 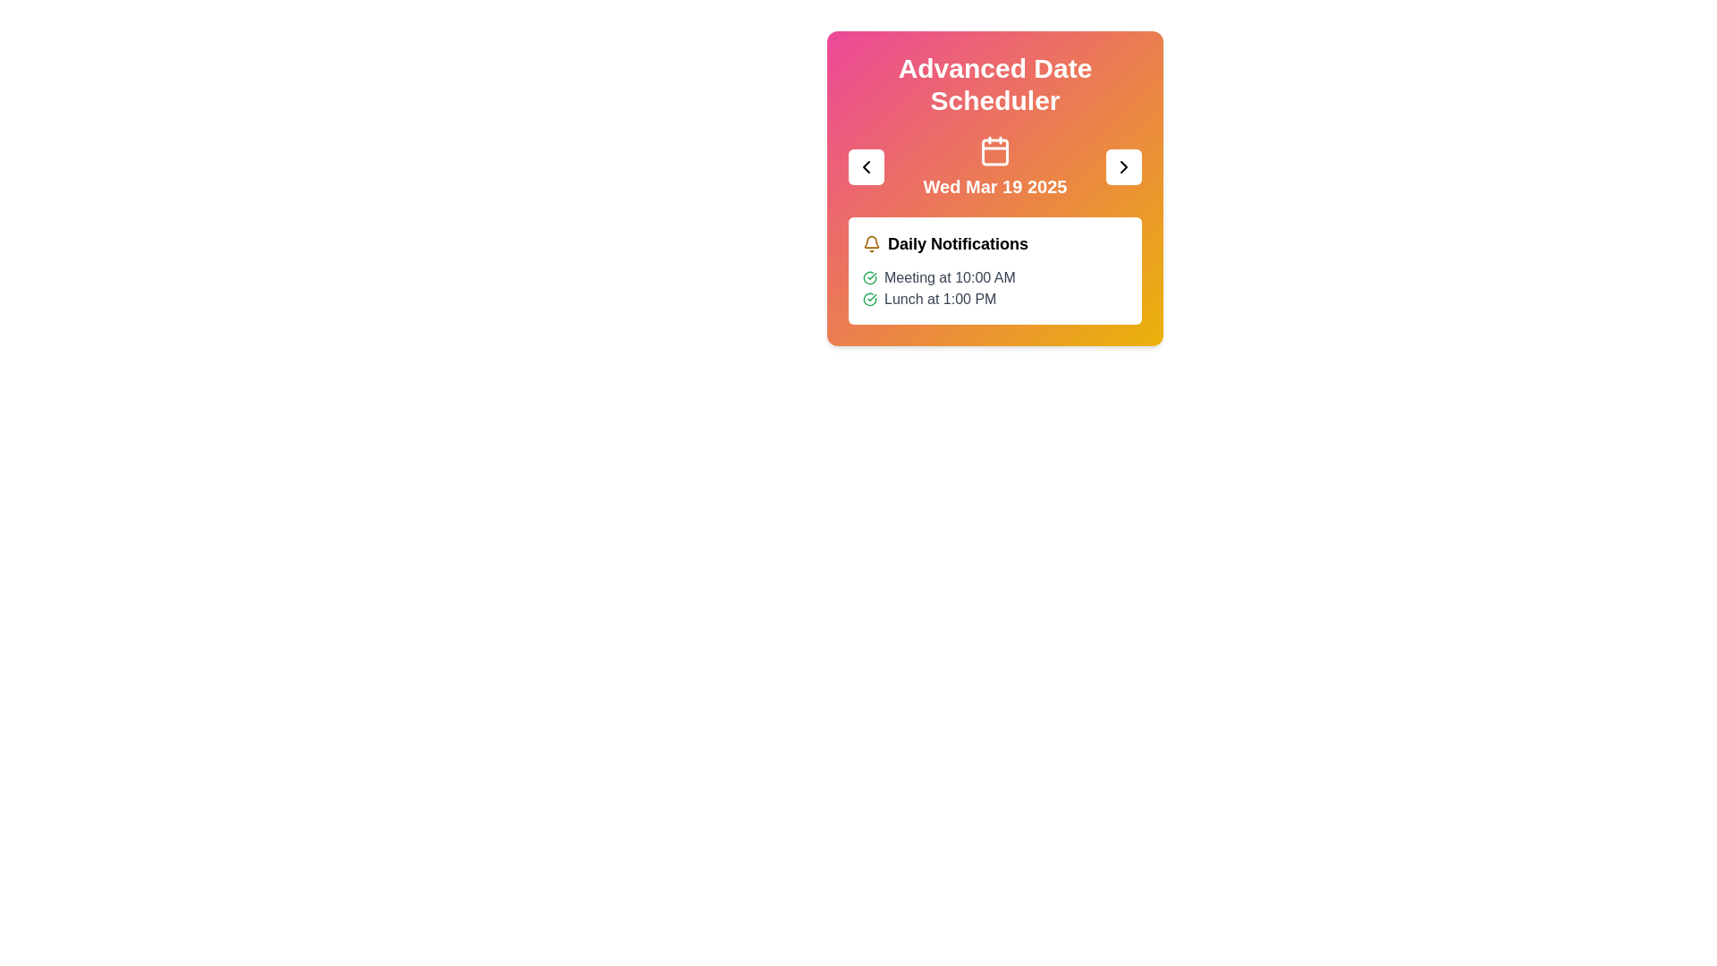 What do you see at coordinates (994, 186) in the screenshot?
I see `the date display TextLabel located in the center of the card layout, below the calendar icon, for potential interaction` at bounding box center [994, 186].